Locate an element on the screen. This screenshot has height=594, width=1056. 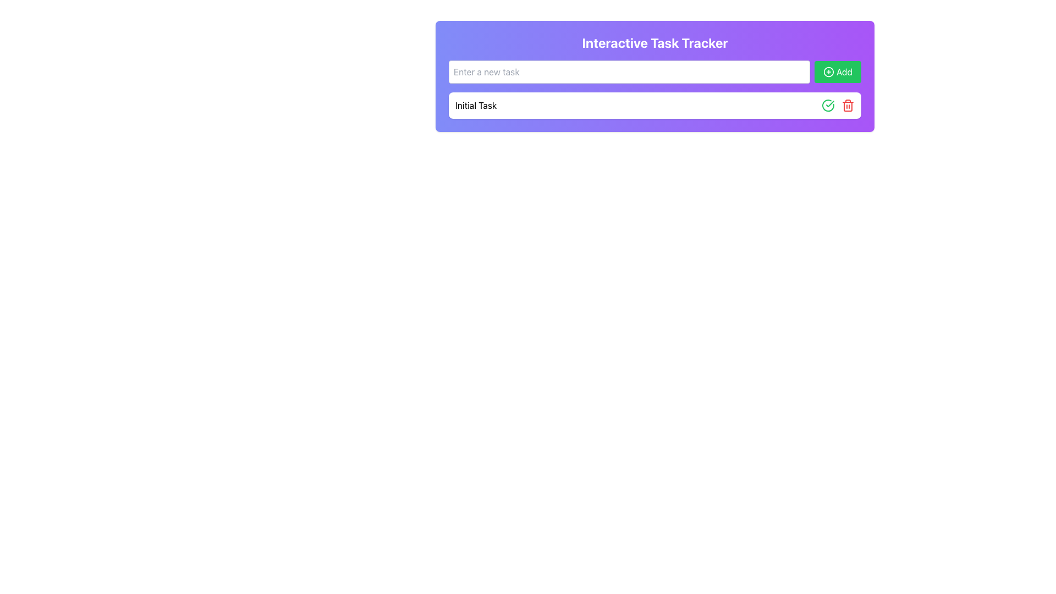
the red trash bin icon button is located at coordinates (847, 106).